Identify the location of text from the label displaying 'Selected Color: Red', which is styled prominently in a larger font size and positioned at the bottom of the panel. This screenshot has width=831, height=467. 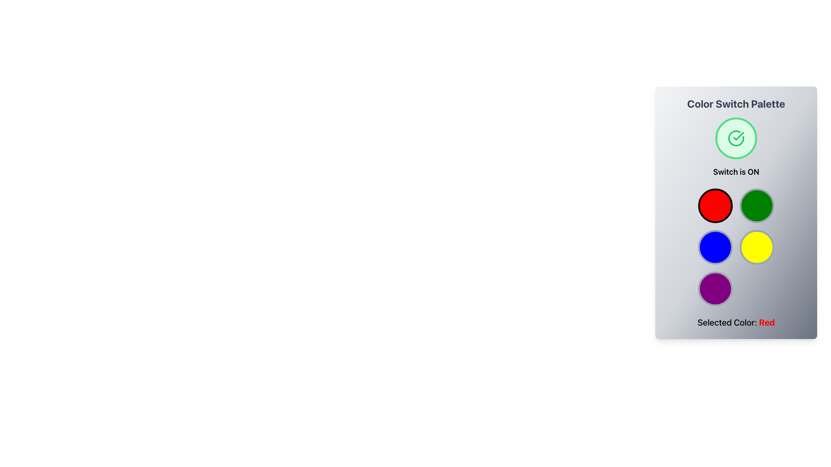
(735, 322).